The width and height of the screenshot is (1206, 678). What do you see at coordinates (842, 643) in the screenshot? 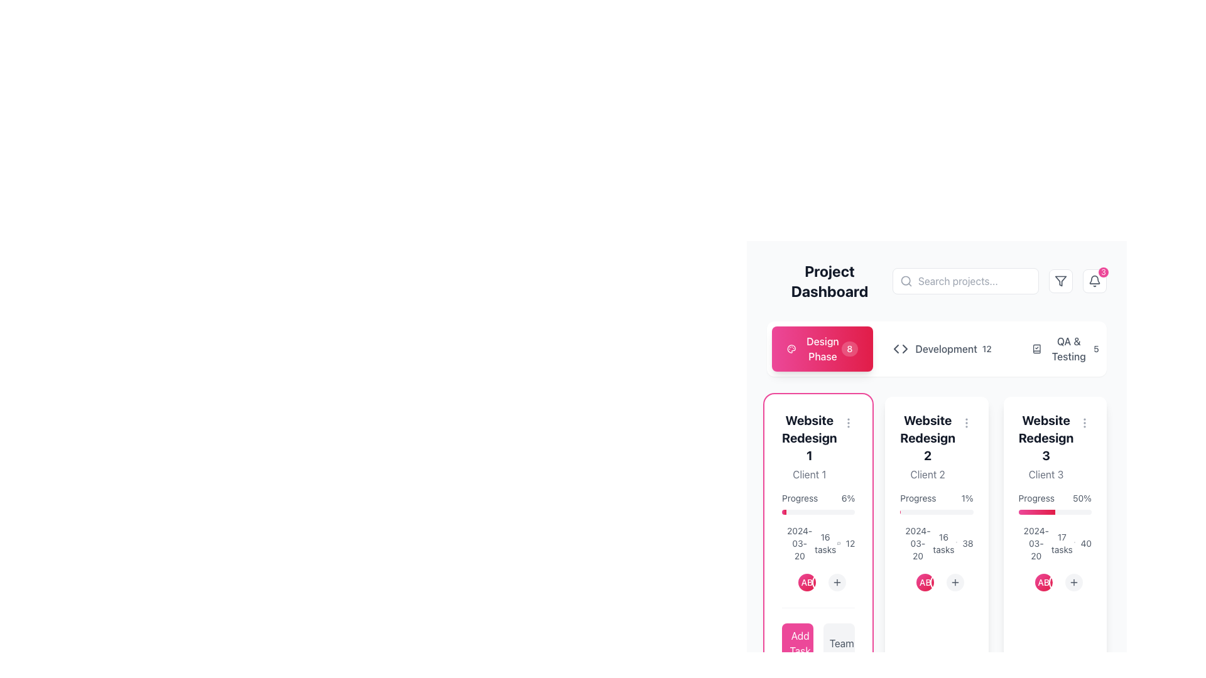
I see `the 'Team' button or link located at the bottom of the 'Website Redesign 1' card` at bounding box center [842, 643].